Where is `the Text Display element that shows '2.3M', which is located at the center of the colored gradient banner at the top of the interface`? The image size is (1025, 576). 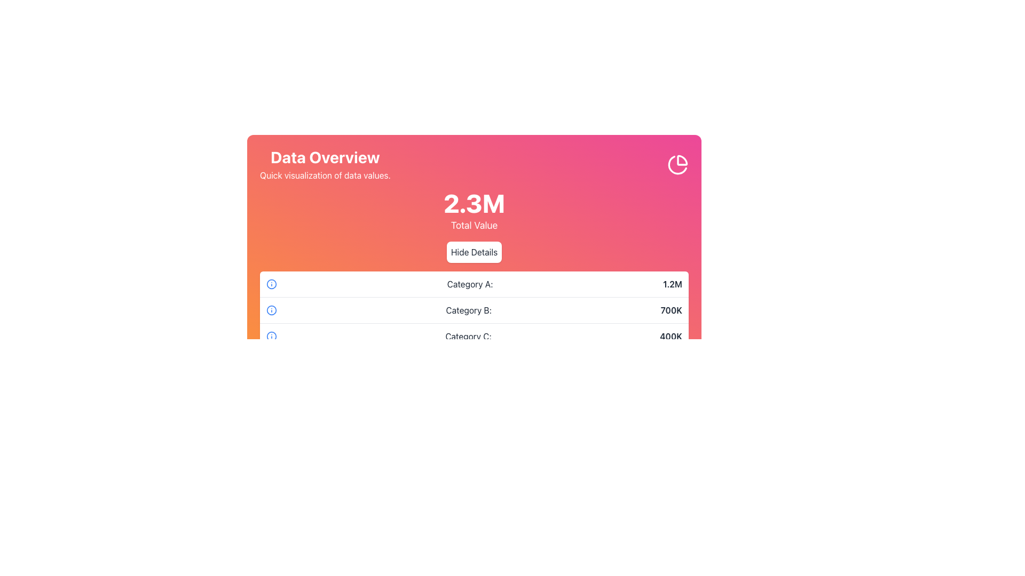
the Text Display element that shows '2.3M', which is located at the center of the colored gradient banner at the top of the interface is located at coordinates (474, 203).